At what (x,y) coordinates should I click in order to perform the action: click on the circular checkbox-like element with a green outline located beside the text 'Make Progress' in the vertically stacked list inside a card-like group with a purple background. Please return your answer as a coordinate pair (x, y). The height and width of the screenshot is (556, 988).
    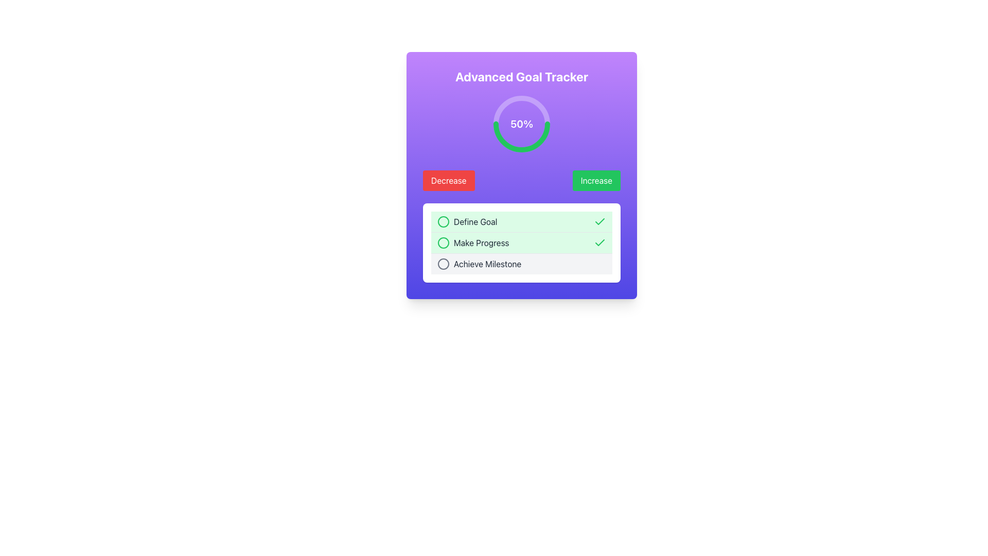
    Looking at the image, I should click on (444, 242).